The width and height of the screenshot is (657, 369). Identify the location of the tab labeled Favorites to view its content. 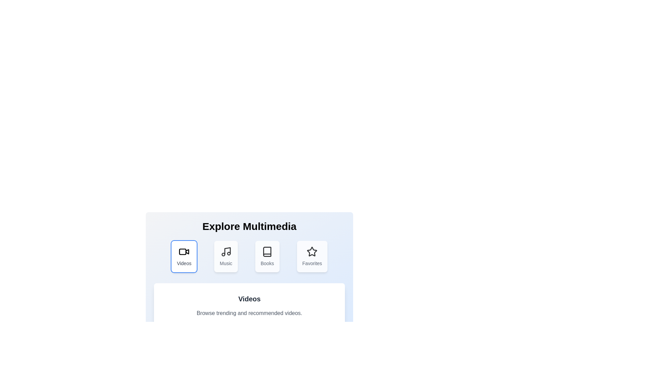
(312, 257).